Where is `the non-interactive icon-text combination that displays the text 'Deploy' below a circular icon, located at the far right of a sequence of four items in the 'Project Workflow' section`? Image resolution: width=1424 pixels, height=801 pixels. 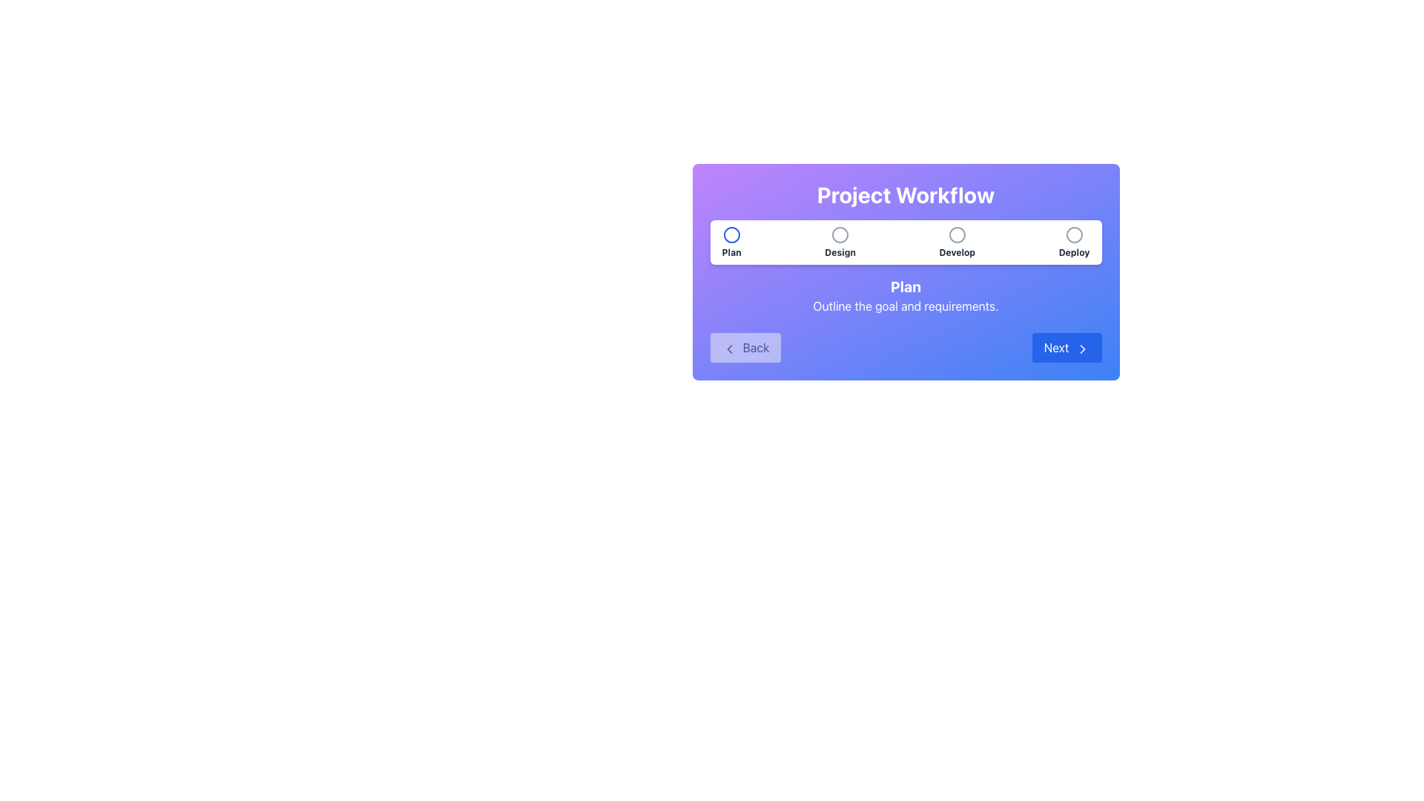 the non-interactive icon-text combination that displays the text 'Deploy' below a circular icon, located at the far right of a sequence of four items in the 'Project Workflow' section is located at coordinates (1074, 242).